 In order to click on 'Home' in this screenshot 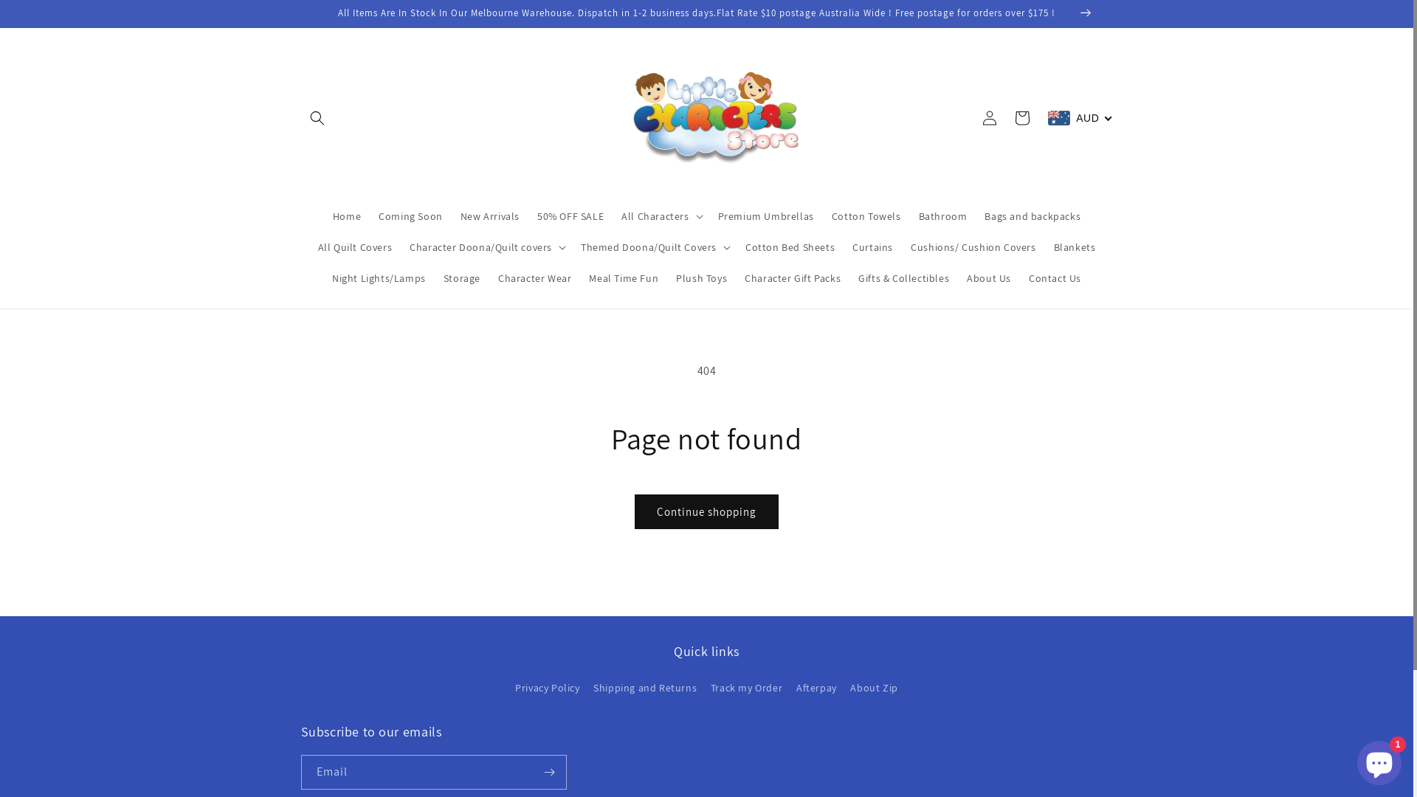, I will do `click(346, 216)`.